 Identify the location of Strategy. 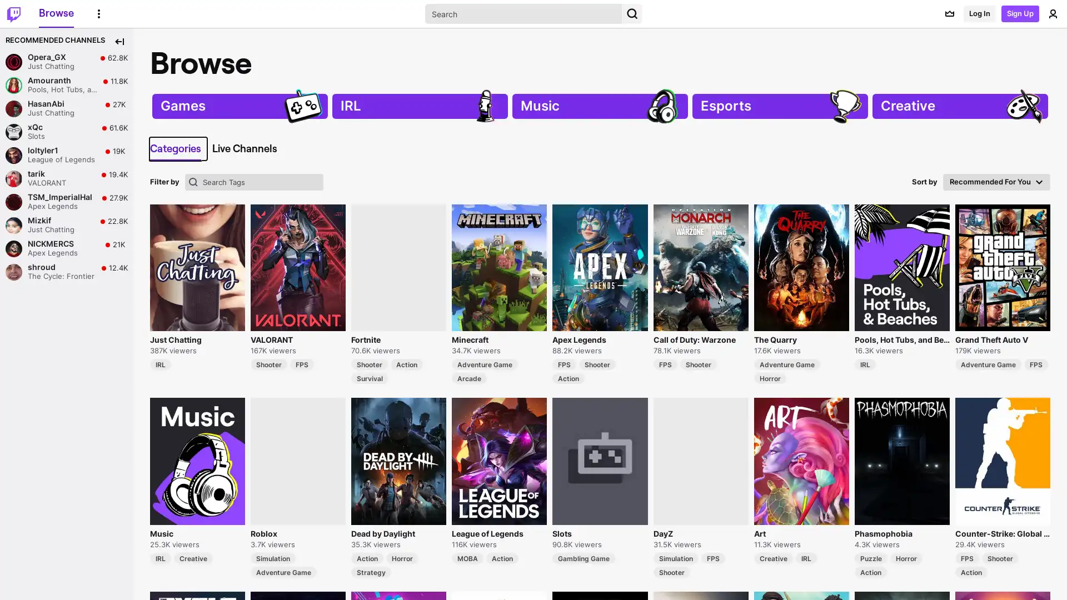
(371, 572).